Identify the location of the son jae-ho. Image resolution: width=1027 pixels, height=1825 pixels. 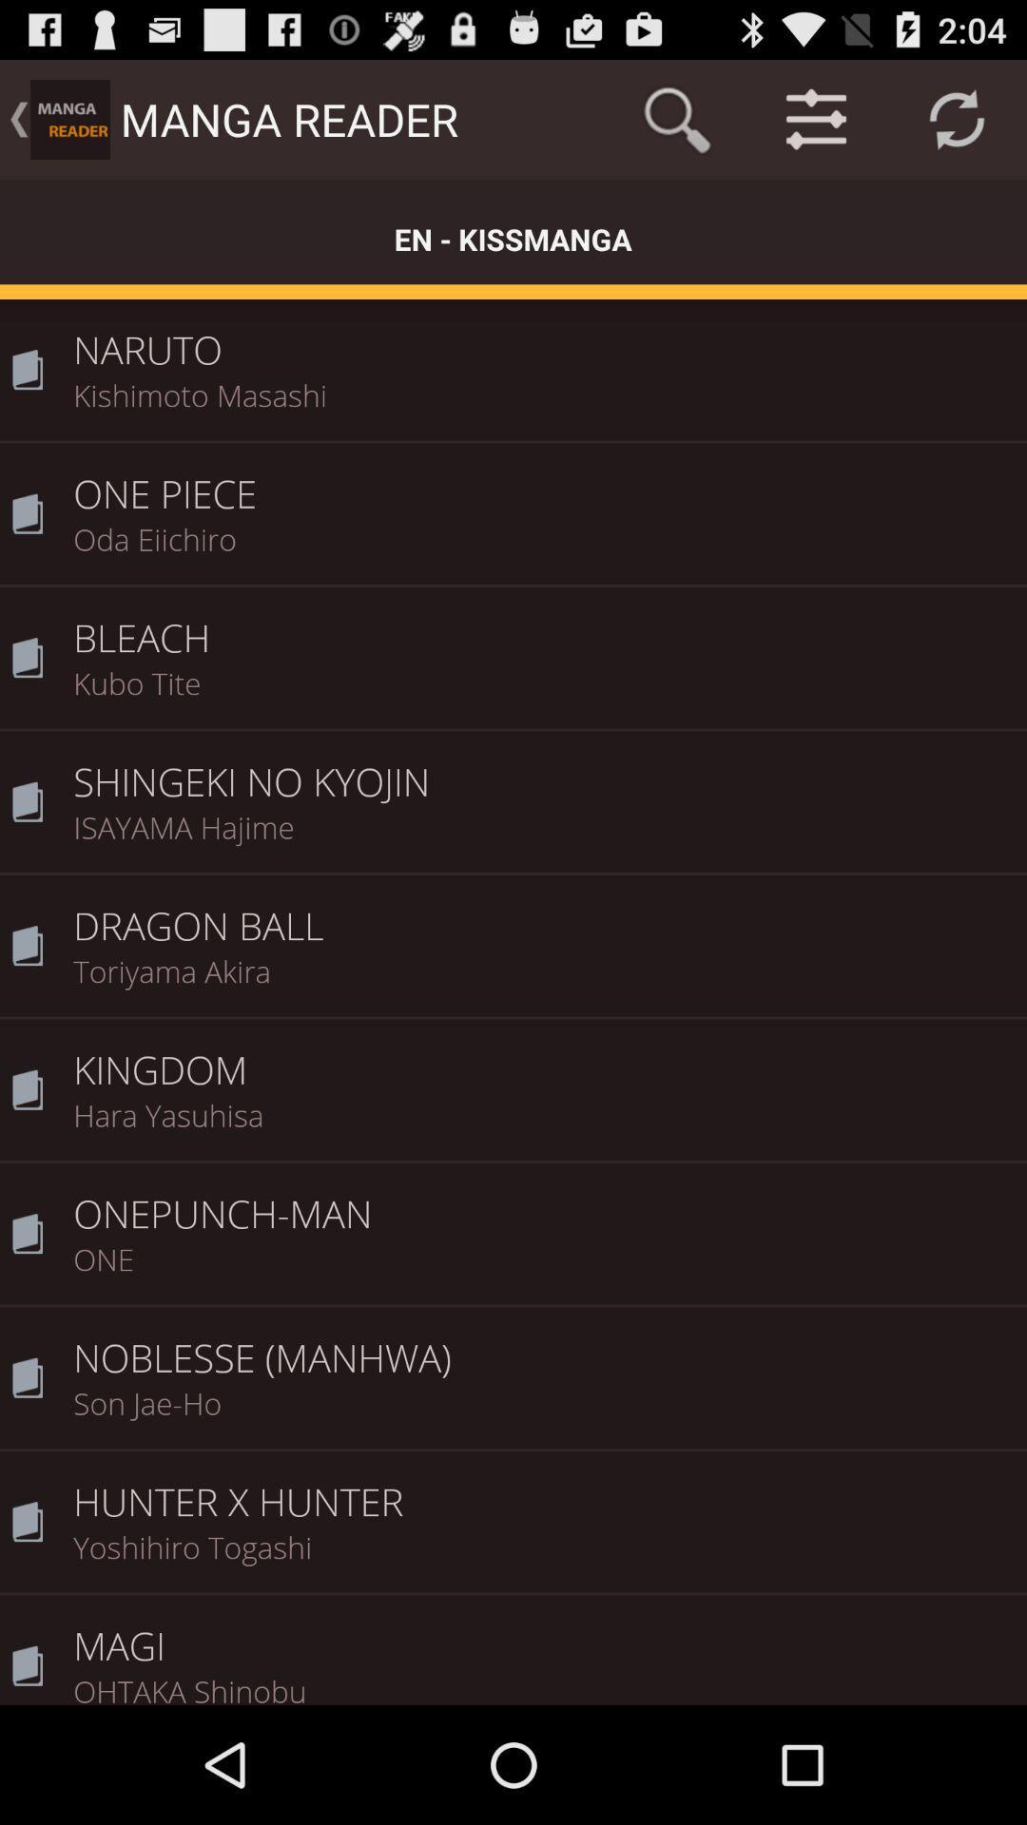
(543, 1415).